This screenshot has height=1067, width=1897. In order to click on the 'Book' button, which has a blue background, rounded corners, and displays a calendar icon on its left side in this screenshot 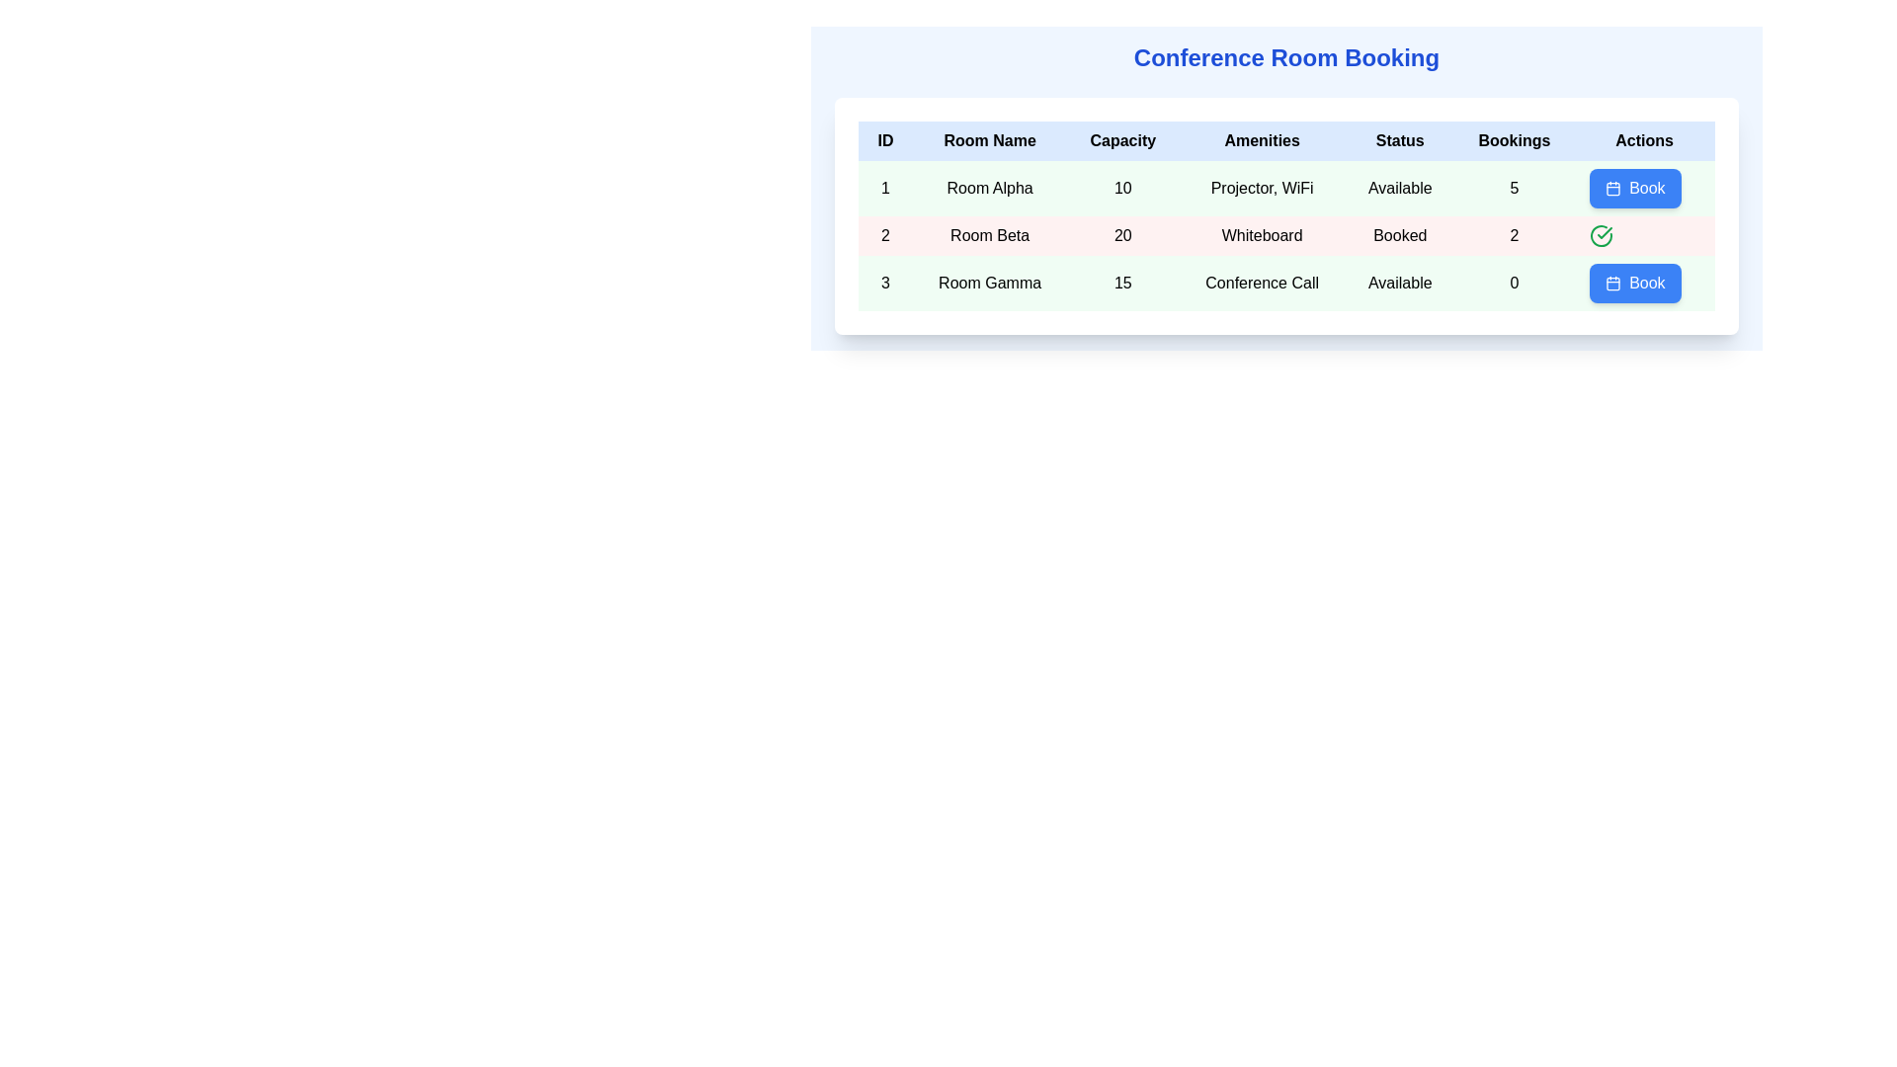, I will do `click(1644, 283)`.